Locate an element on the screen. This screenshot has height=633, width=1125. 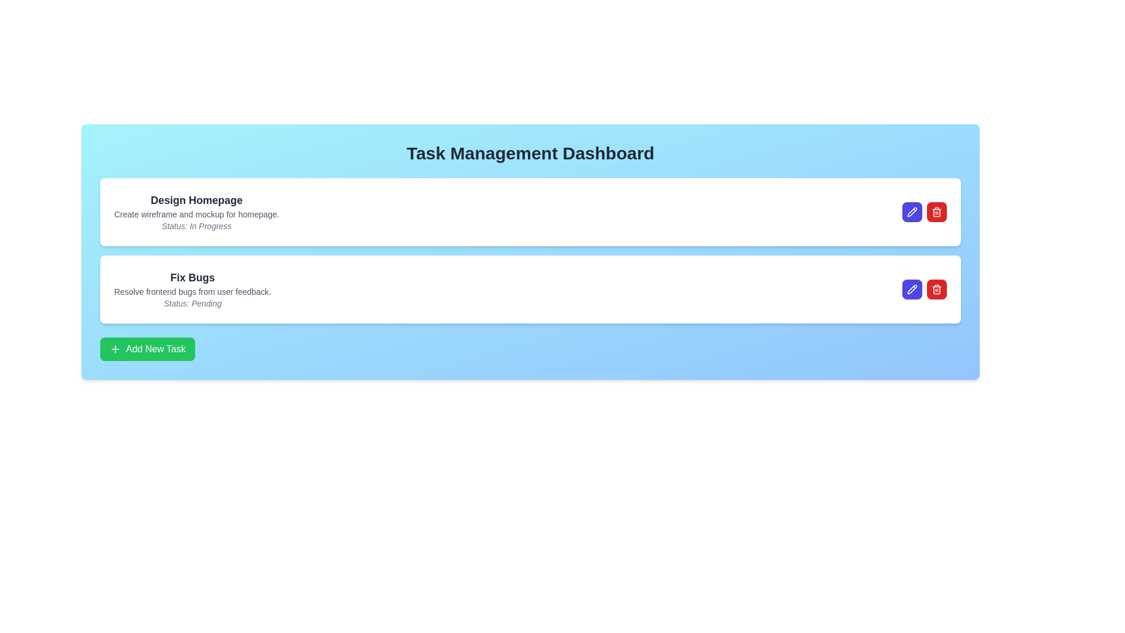
the 'Edit' icon button located in the action toolbar to the left of the red delete button is located at coordinates (913, 212).